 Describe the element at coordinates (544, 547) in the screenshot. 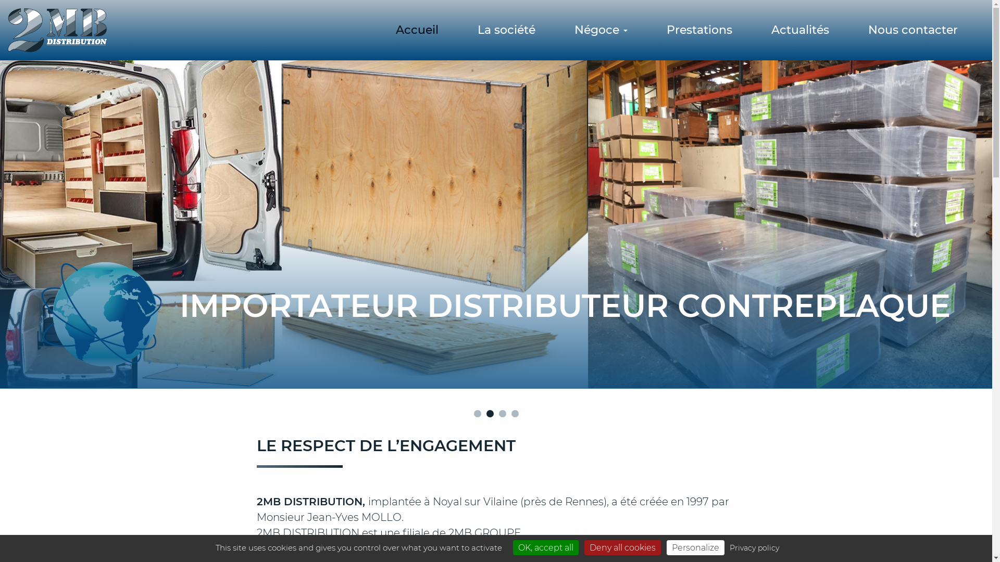

I see `'OK, accept all'` at that location.